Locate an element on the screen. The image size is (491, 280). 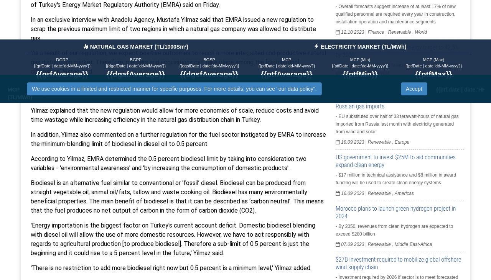
'{{dgsfAverage}}' is located at coordinates (209, 74).